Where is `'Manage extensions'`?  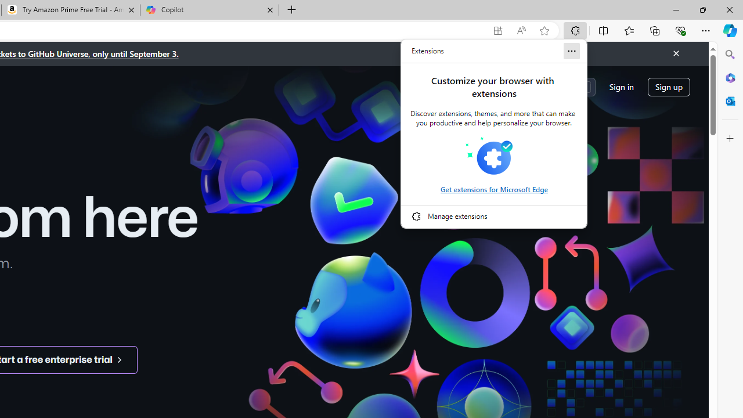 'Manage extensions' is located at coordinates (494, 216).